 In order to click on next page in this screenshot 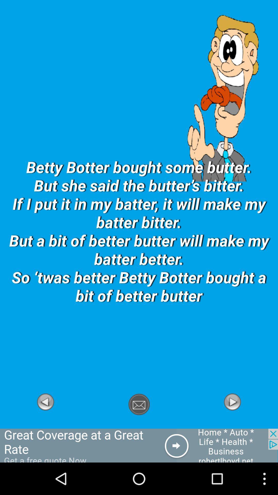, I will do `click(232, 426)`.